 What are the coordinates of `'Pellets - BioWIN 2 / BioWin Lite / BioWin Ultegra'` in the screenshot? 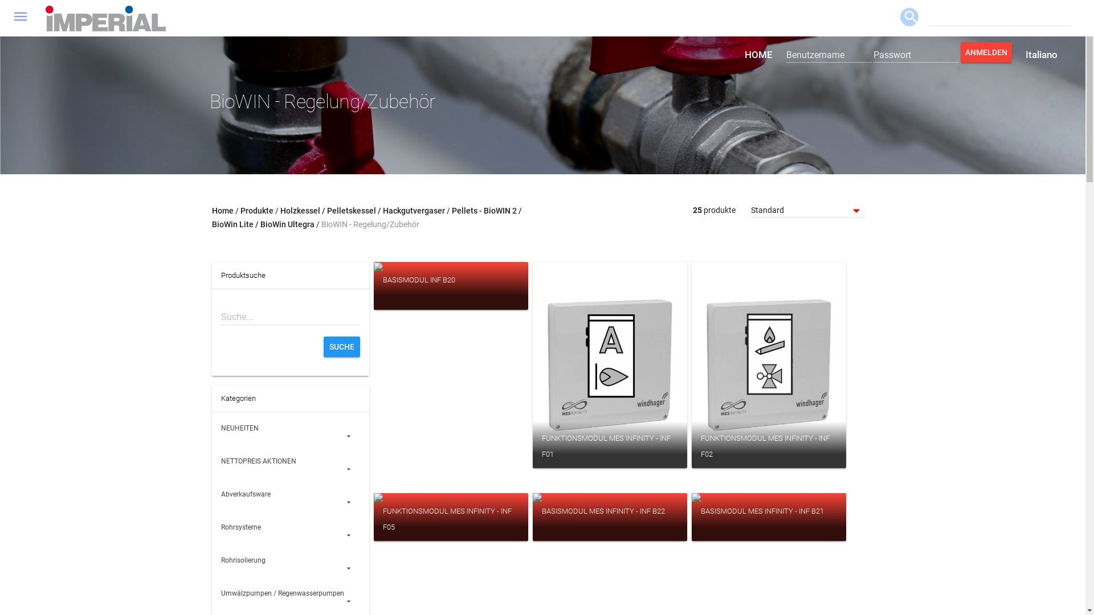 It's located at (366, 217).